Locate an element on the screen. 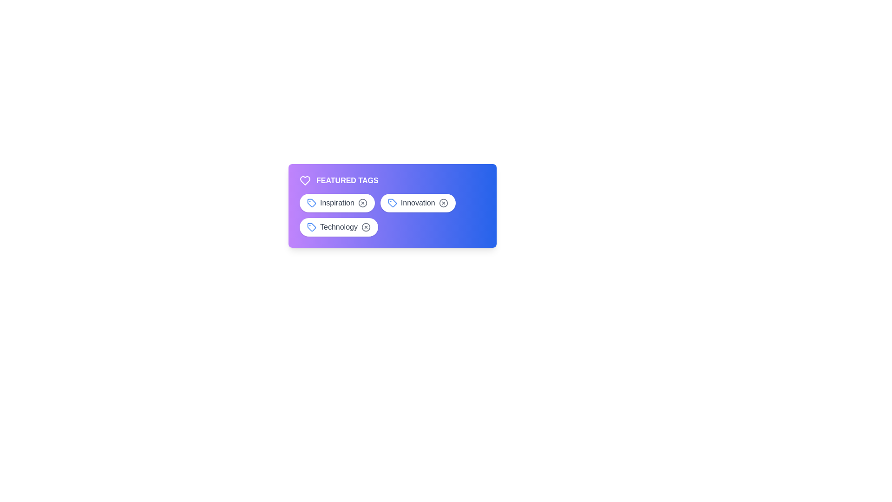 This screenshot has height=502, width=892. the decorative tag icon located inside the first tag labeled 'Inspiration' within the 'Featured Tags' section, positioned to the left of the text label is located at coordinates (312, 202).